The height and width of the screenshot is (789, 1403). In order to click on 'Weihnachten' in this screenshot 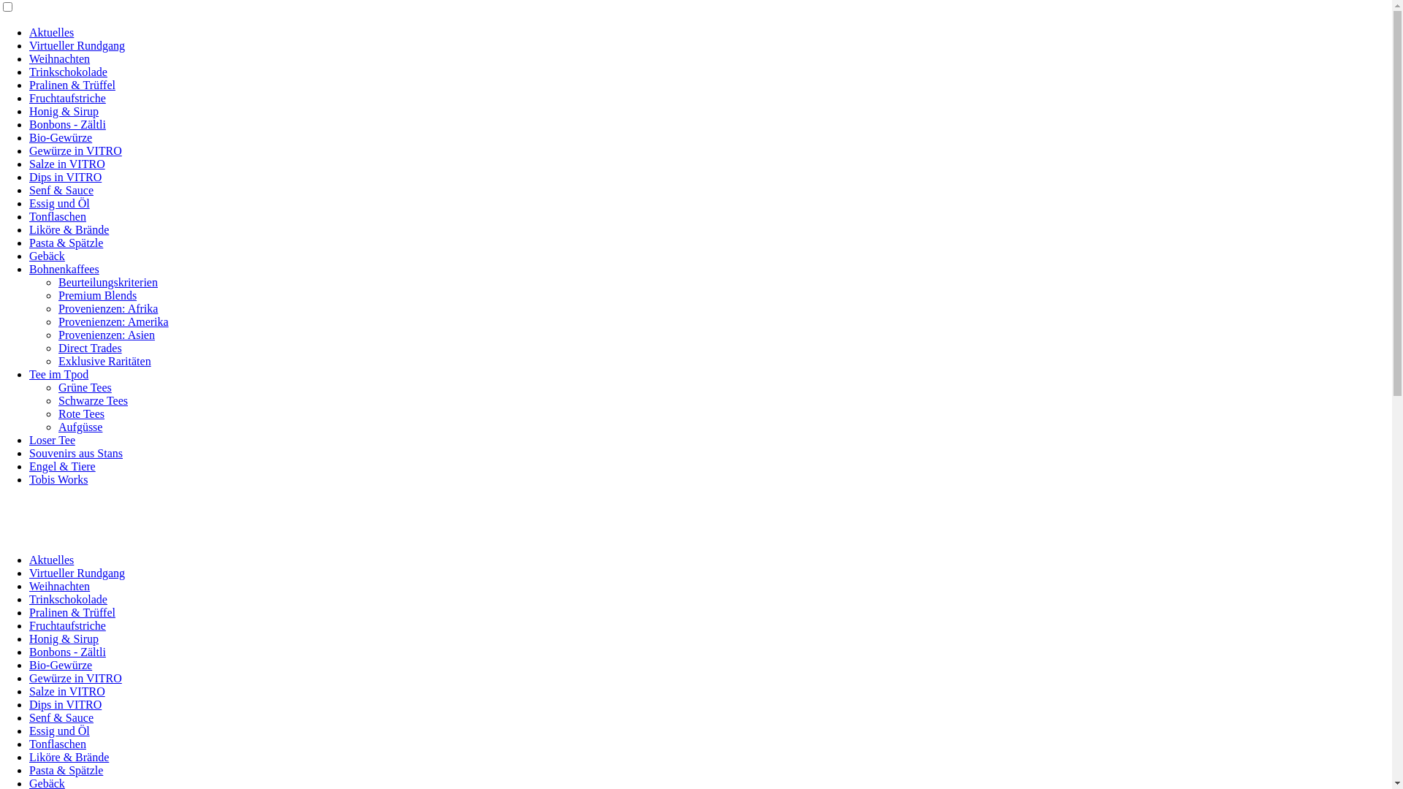, I will do `click(28, 58)`.